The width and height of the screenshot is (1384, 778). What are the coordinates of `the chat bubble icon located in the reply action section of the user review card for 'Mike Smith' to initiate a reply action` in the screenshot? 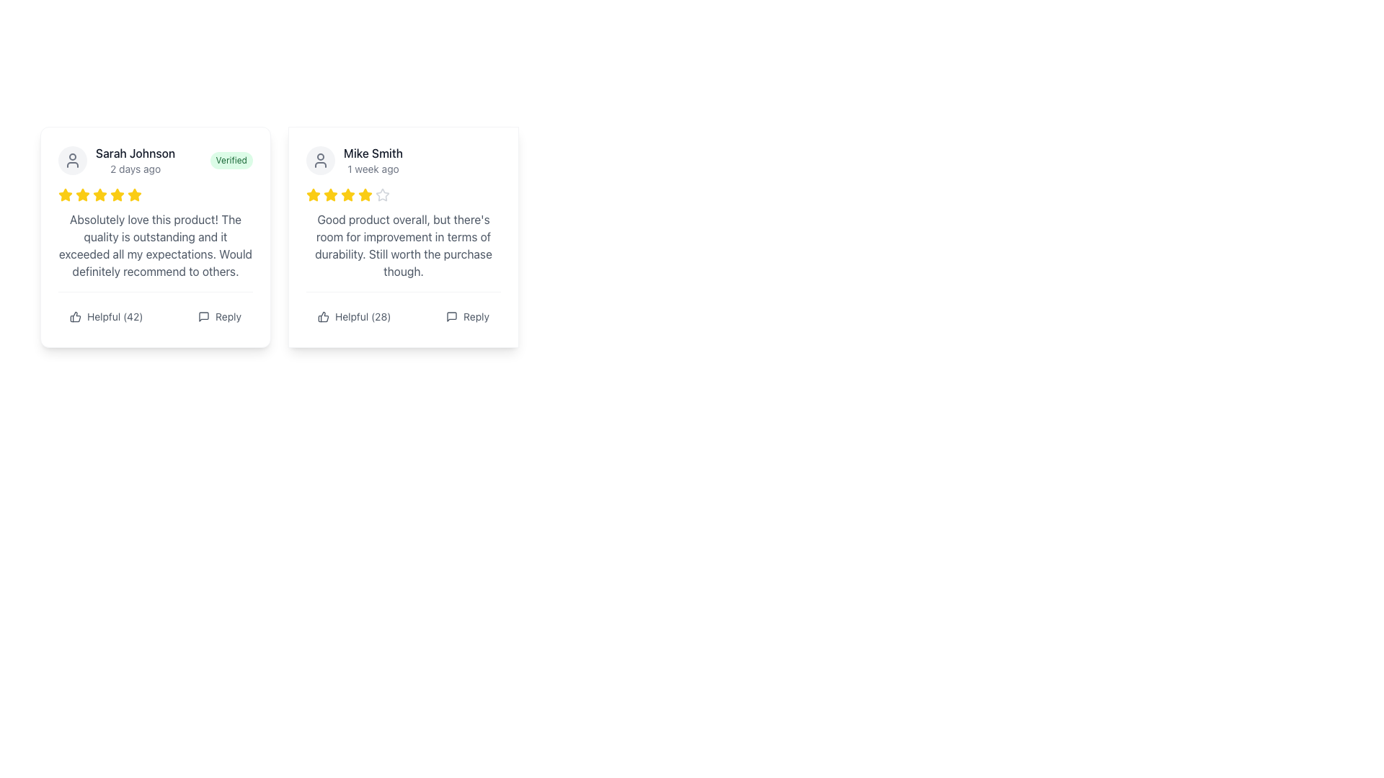 It's located at (451, 316).